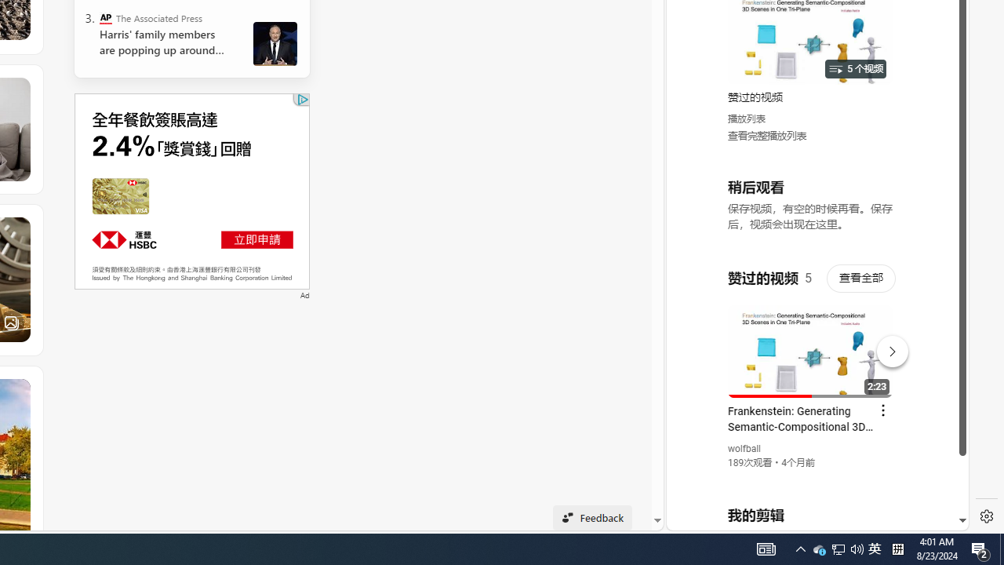 The width and height of the screenshot is (1004, 565). I want to click on 'Global web icon', so click(696, 338).